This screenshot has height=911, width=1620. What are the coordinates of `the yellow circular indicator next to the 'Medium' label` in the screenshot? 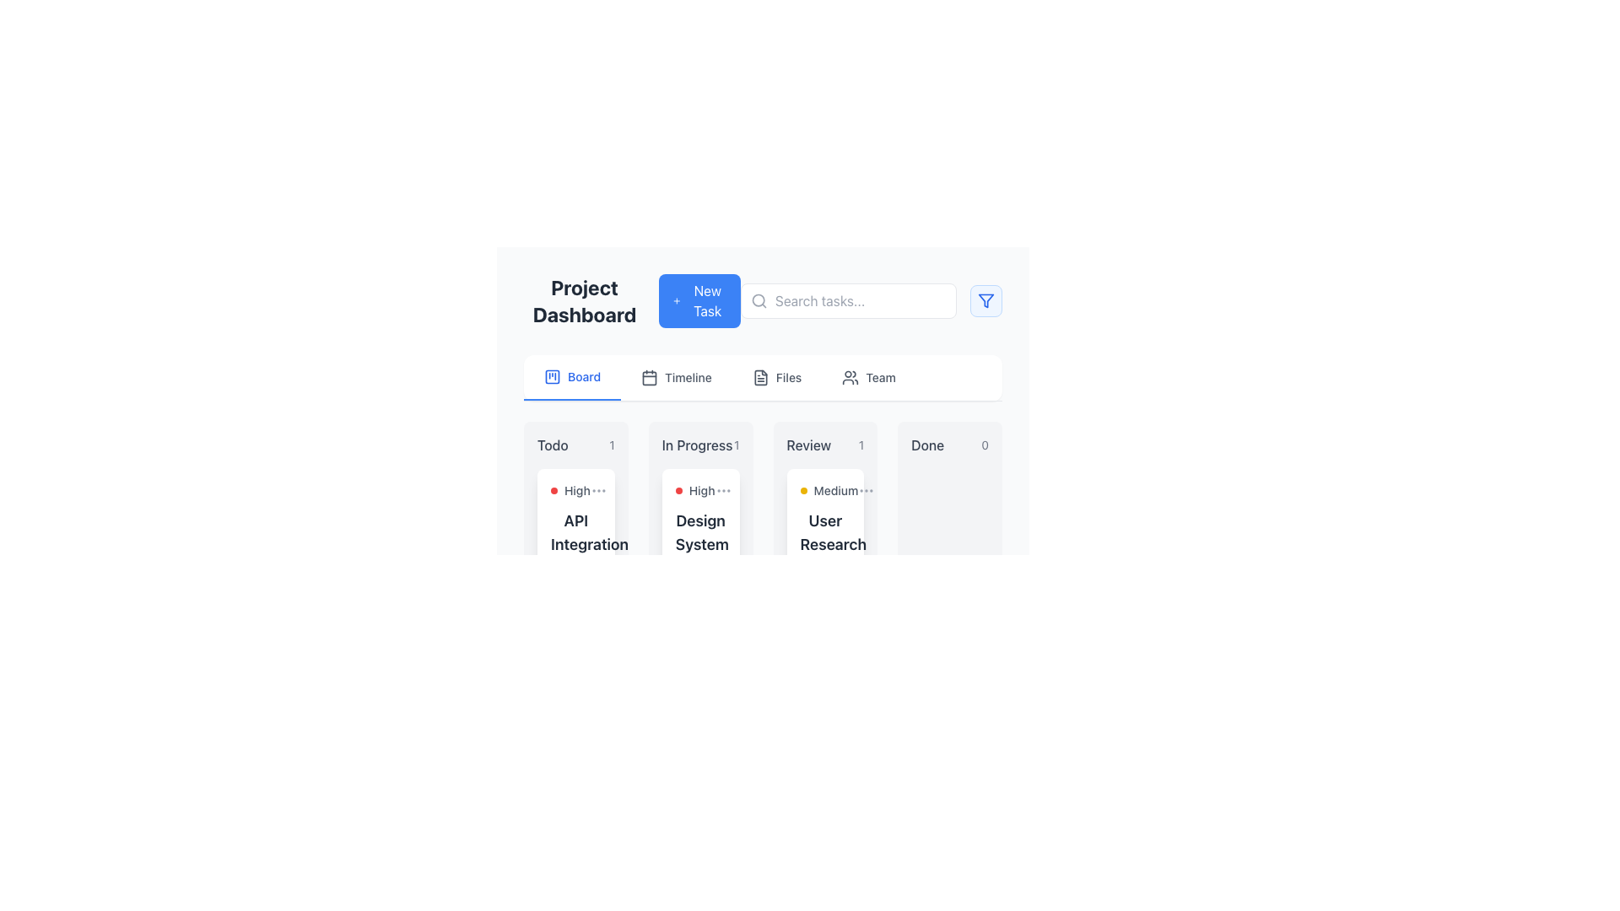 It's located at (825, 491).